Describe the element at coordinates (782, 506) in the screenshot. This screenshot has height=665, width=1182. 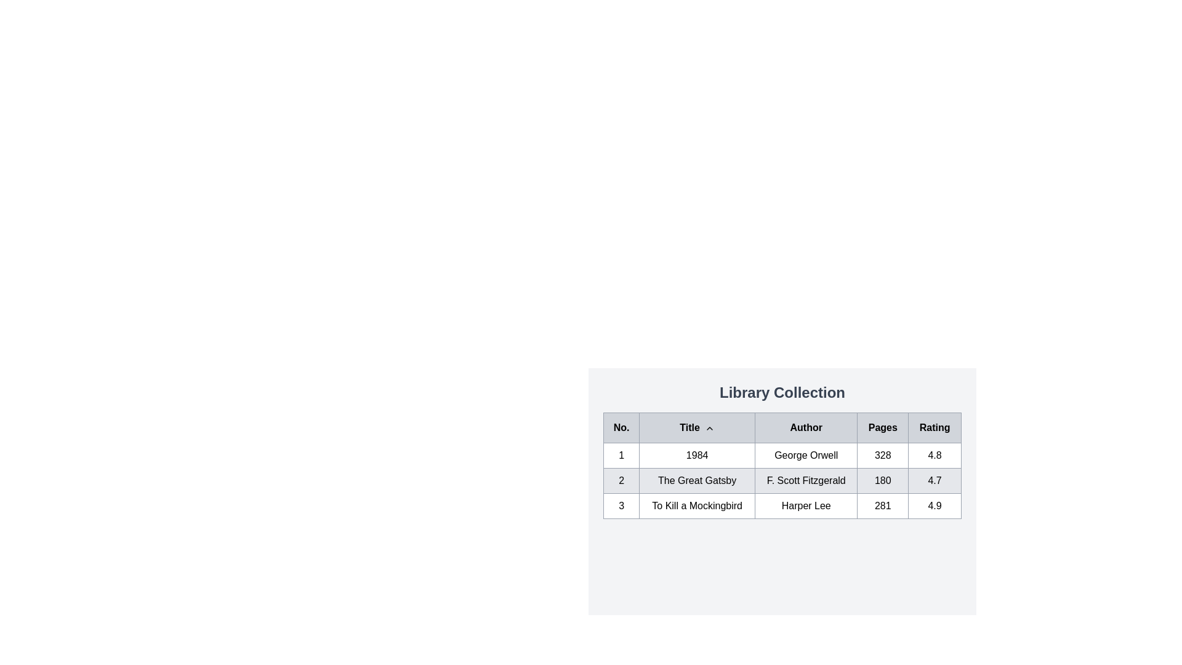
I see `information displayed in the table row for 'To Kill a Mockingbird' by Harper Lee, which includes its details of 281 pages and a rating of 4.9` at that location.